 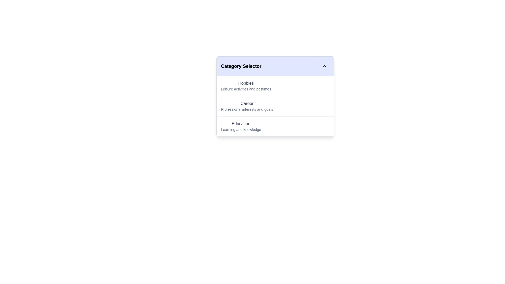 What do you see at coordinates (275, 106) in the screenshot?
I see `the selectable list item representing the category 'Career,' which is the second item in the list beneath the header 'Category Selector.'` at bounding box center [275, 106].